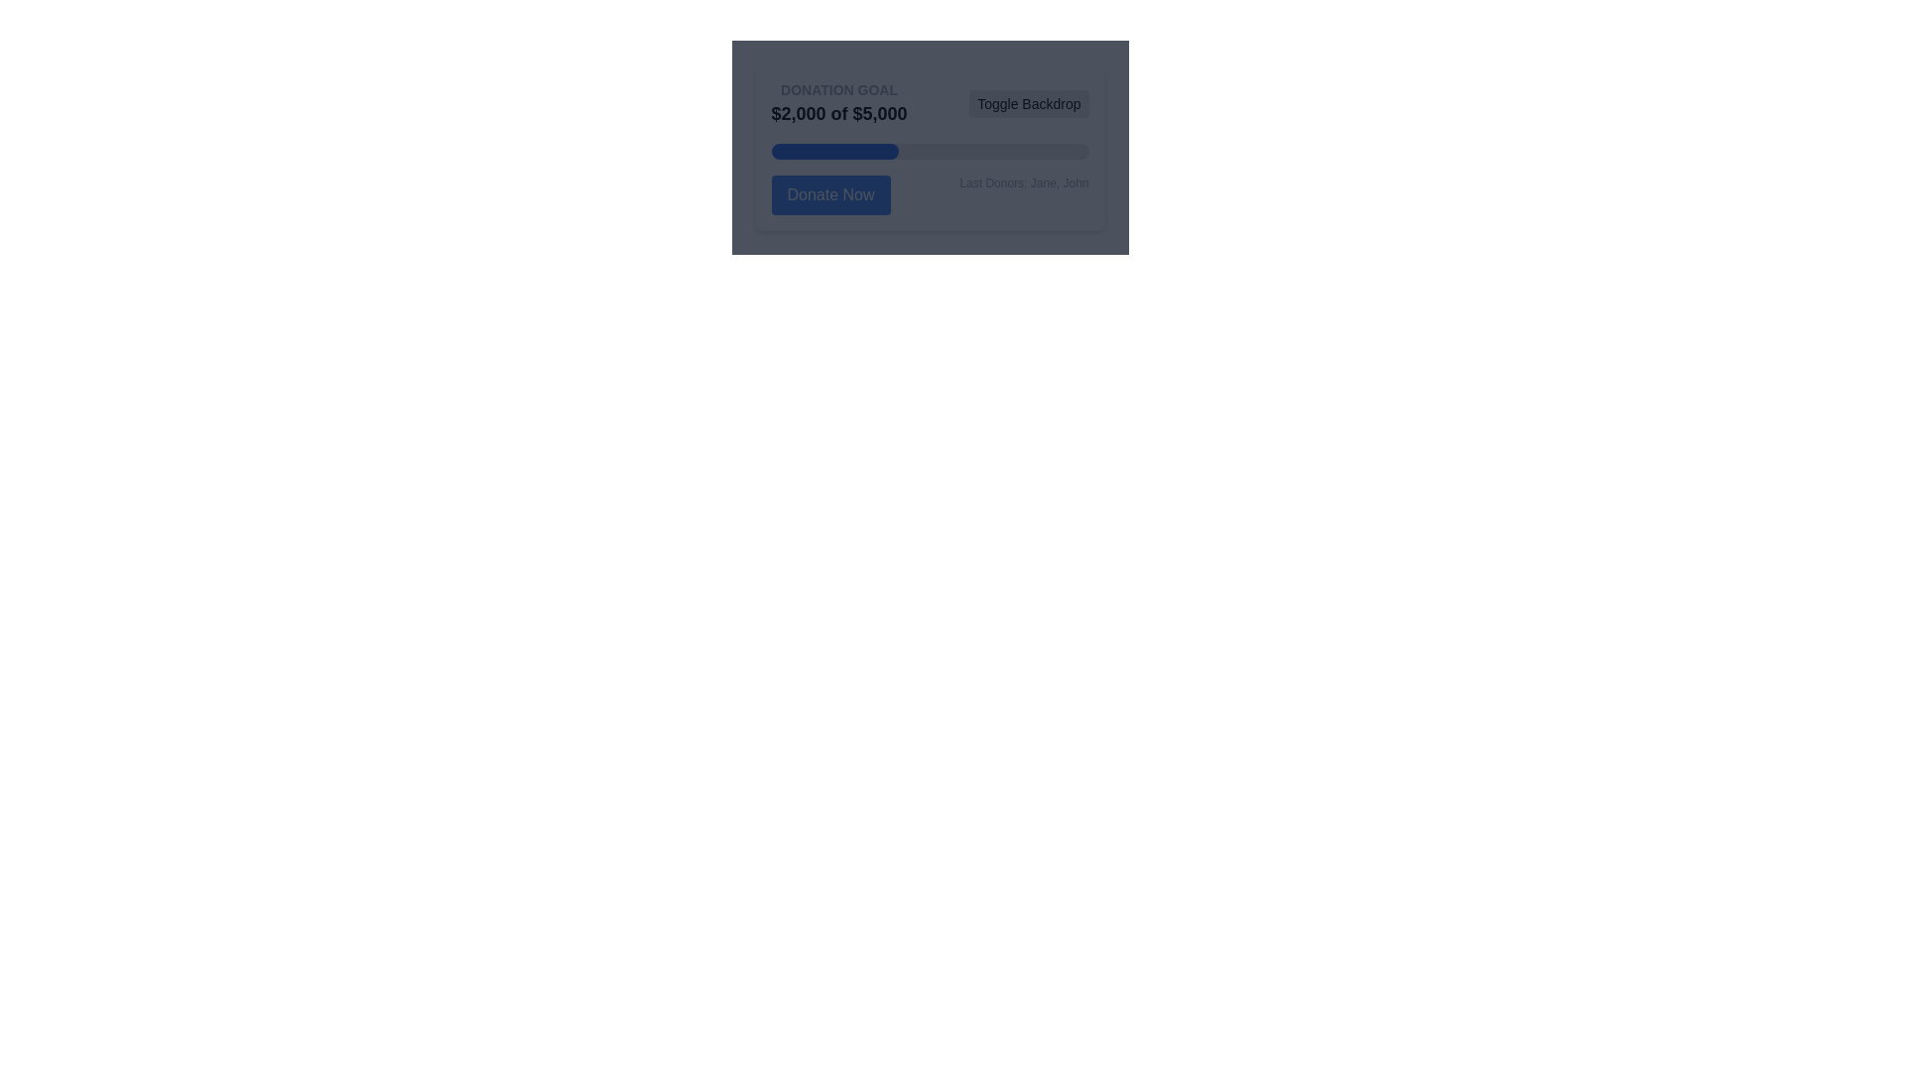  I want to click on the text label that indicates the current progress toward the donation goal, positioned directly below the 'Donation Goal' title, so click(839, 114).